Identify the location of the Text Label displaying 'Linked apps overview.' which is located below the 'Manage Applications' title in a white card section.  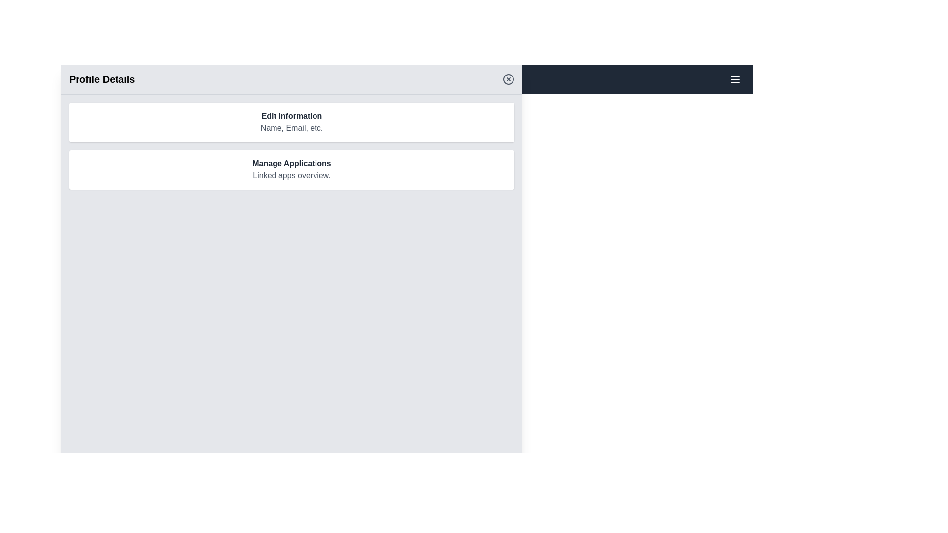
(291, 175).